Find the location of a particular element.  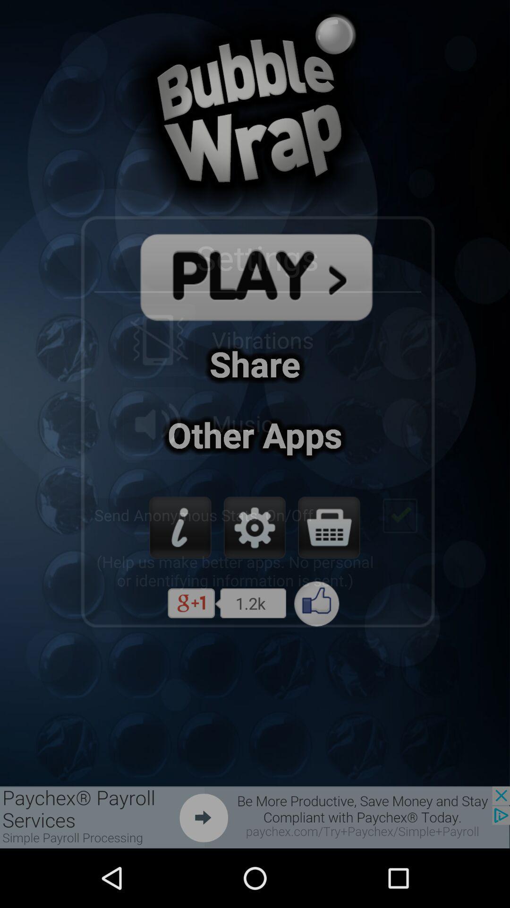

advertisement banner is located at coordinates (255, 817).